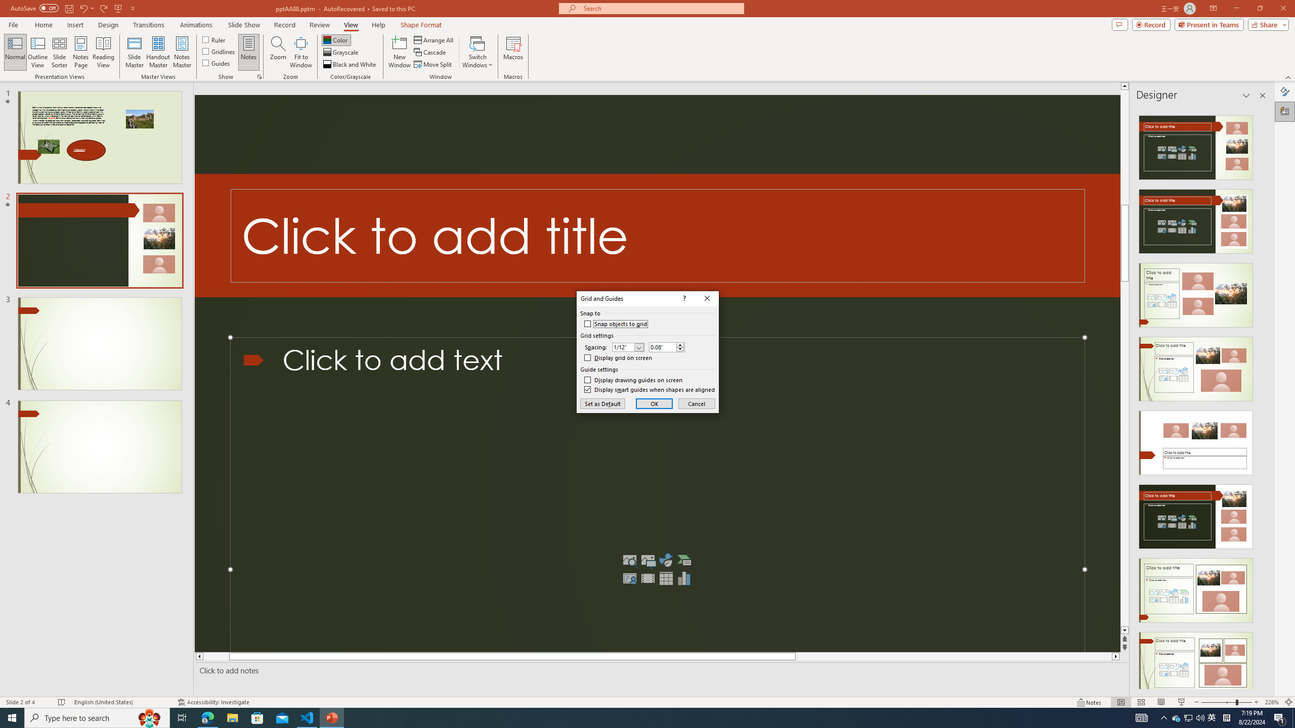 The image size is (1295, 728). I want to click on 'Notes Page', so click(80, 52).